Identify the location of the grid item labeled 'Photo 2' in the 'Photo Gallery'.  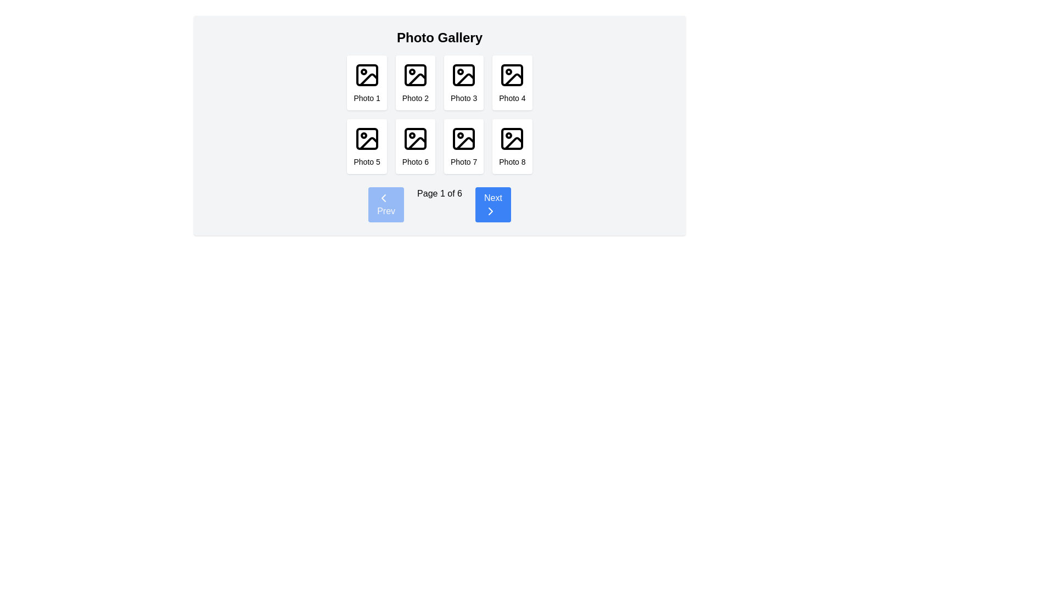
(414, 82).